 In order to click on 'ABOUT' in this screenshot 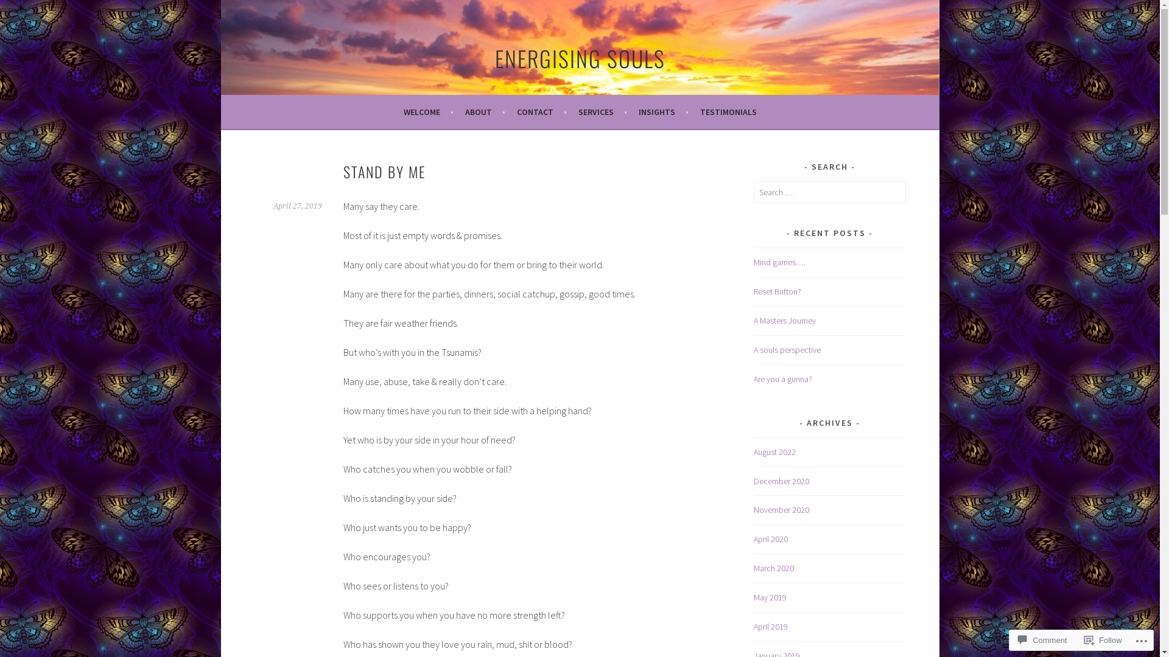, I will do `click(484, 112)`.